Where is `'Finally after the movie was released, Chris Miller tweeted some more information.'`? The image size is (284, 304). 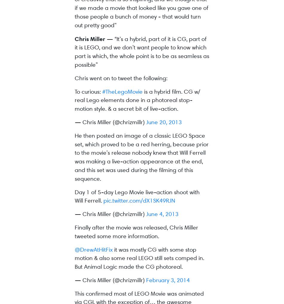 'Finally after the movie was released, Chris Miller tweeted some more information.' is located at coordinates (136, 231).